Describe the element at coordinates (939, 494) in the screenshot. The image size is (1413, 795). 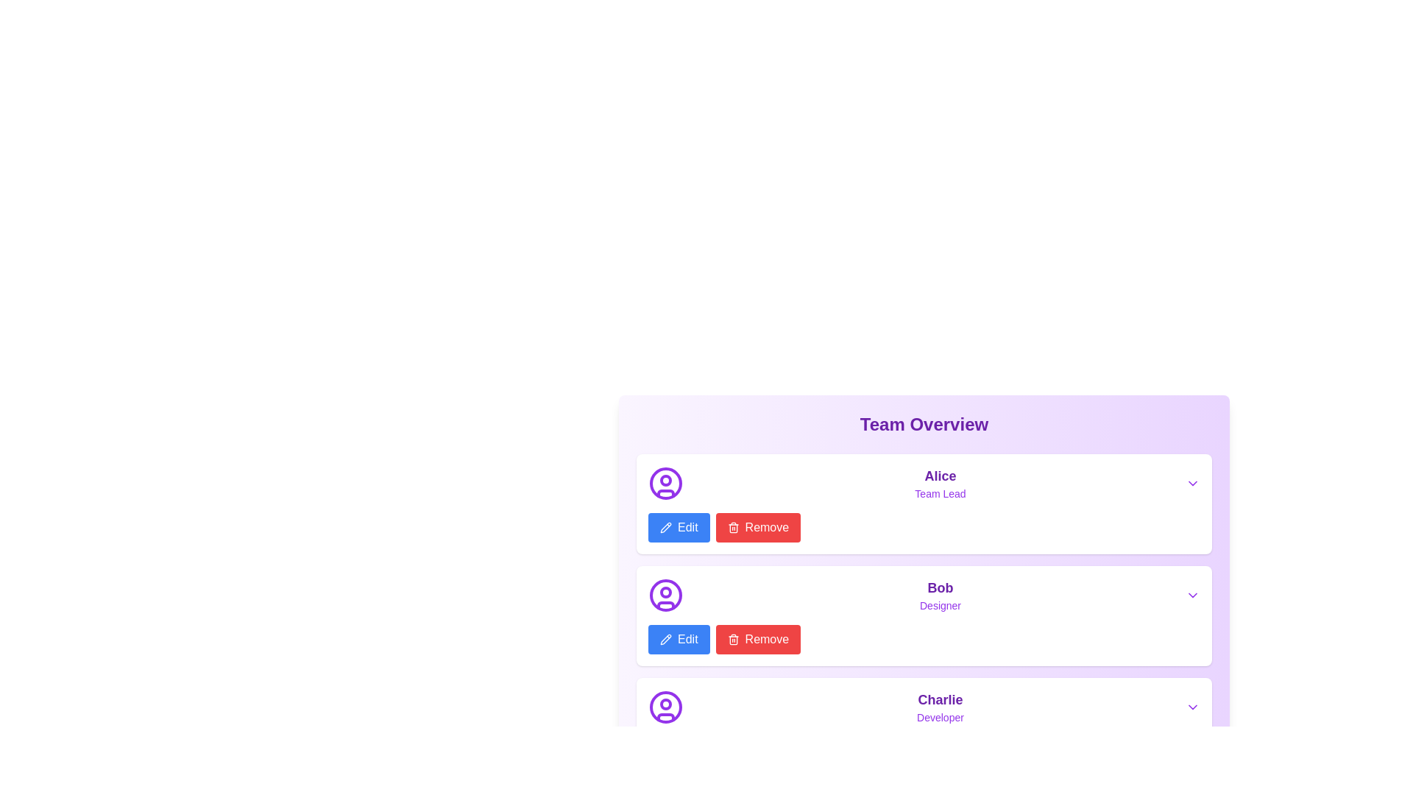
I see `the text label element displaying 'Team Lead', which is styled in purple and located beneath the name 'Alice' within a card layout` at that location.